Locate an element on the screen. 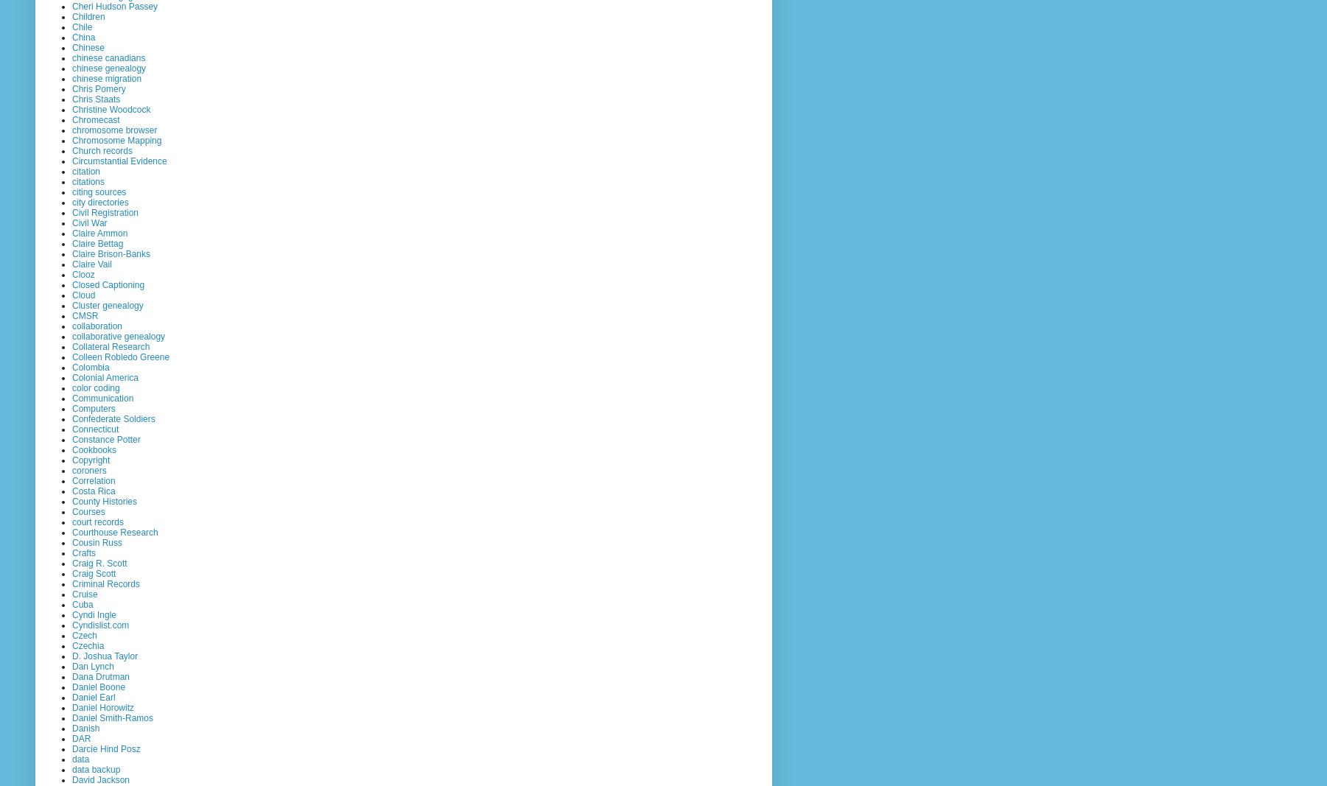 The width and height of the screenshot is (1327, 786). 'Colonial America' is located at coordinates (105, 376).